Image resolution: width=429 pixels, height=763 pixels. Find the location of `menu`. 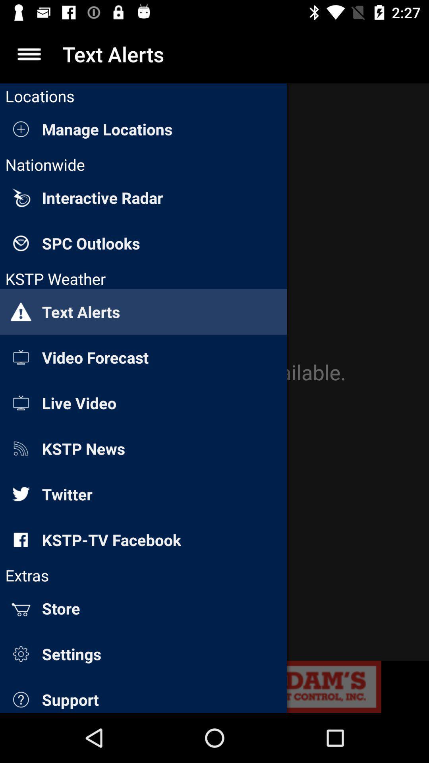

menu is located at coordinates (29, 54).